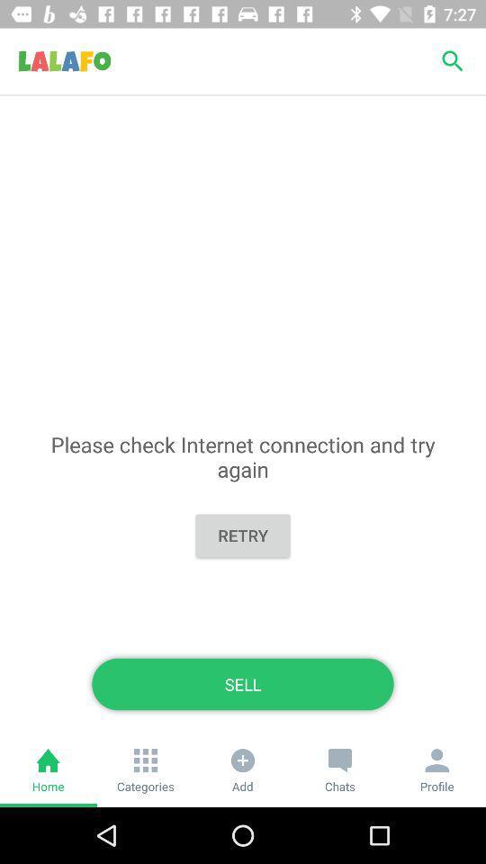  What do you see at coordinates (243, 535) in the screenshot?
I see `the retry item` at bounding box center [243, 535].